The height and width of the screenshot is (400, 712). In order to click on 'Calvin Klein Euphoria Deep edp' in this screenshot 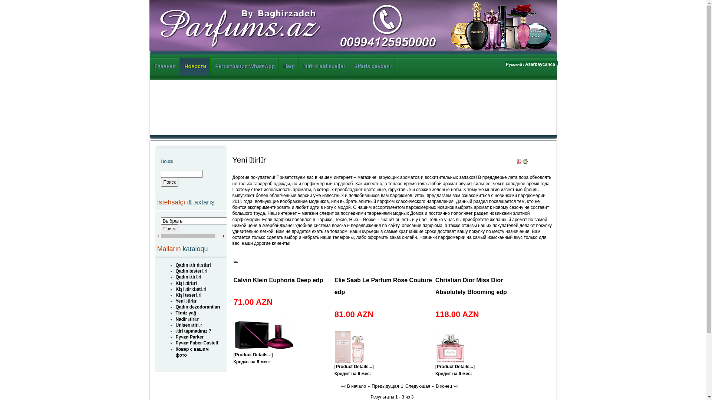, I will do `click(278, 280)`.